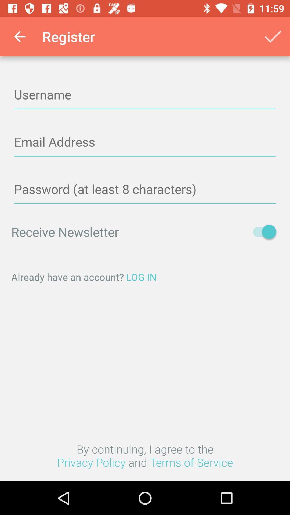  I want to click on icon to the left of register item, so click(19, 36).